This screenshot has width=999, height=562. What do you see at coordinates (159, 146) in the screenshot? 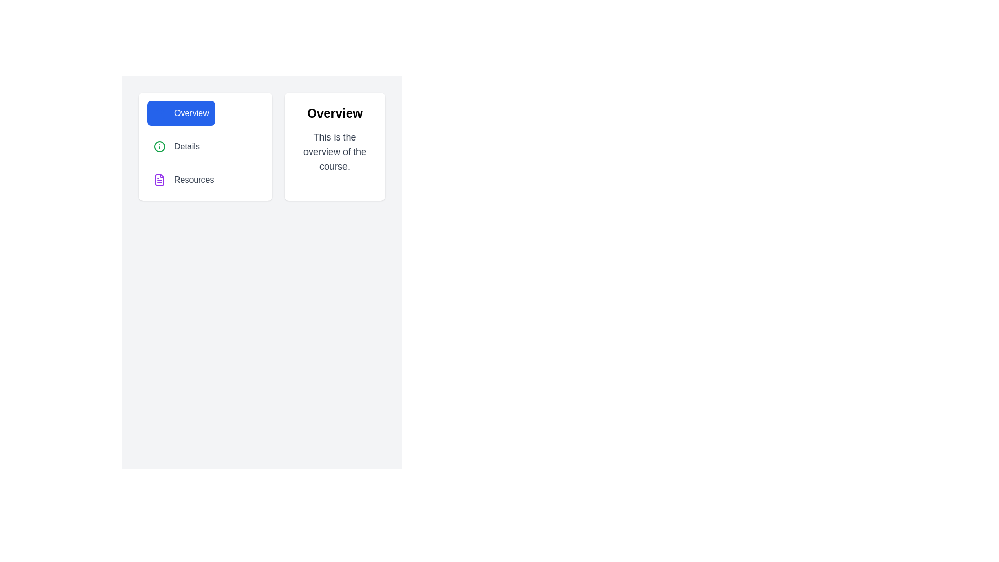
I see `the icon representing 'Details' located next to its label in the vertically aligned list on the left side of the card-like component` at bounding box center [159, 146].